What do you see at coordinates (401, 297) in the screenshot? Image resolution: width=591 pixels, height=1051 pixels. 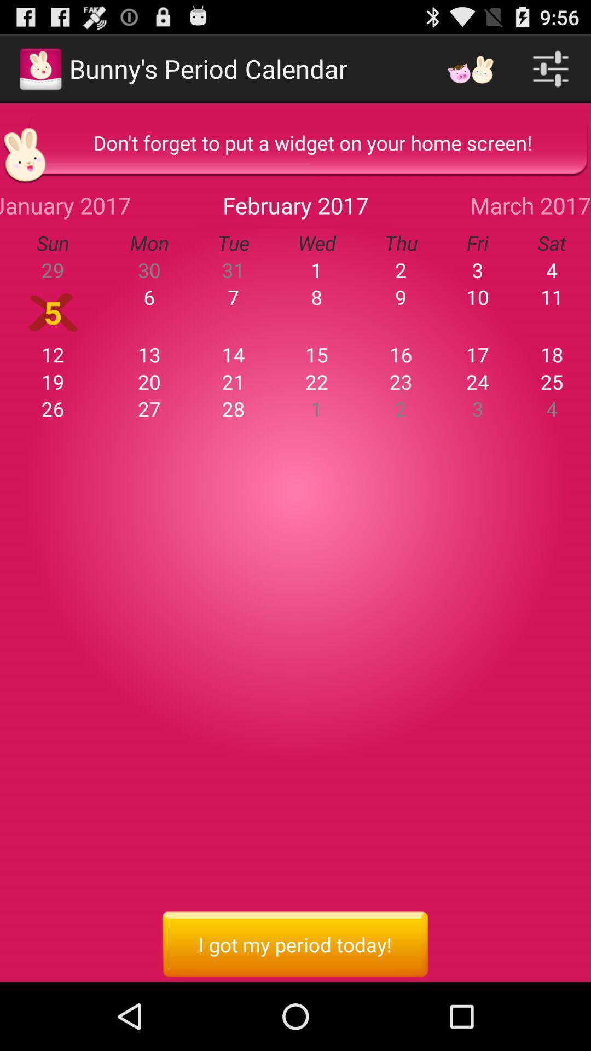 I see `9 item` at bounding box center [401, 297].